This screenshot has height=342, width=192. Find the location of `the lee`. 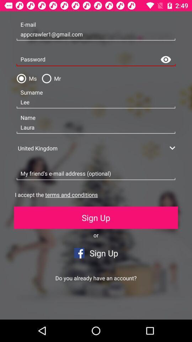

the lee is located at coordinates (96, 102).